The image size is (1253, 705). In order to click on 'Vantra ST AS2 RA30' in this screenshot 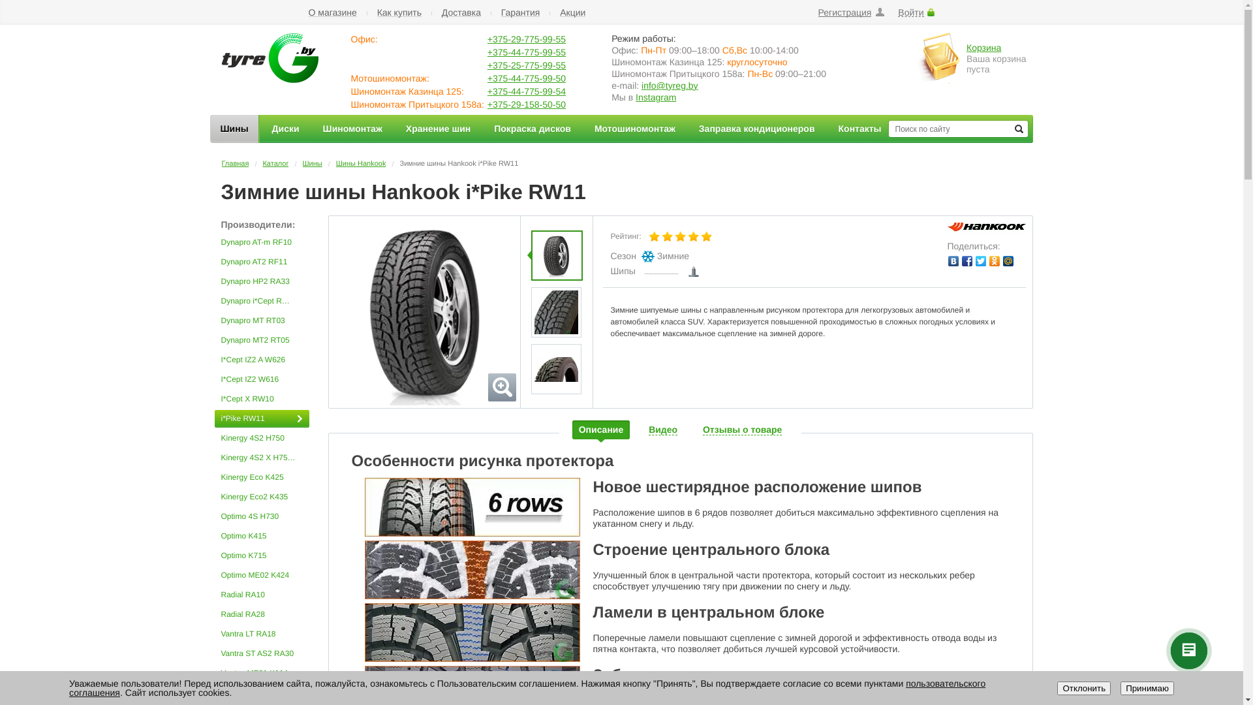, I will do `click(213, 653)`.